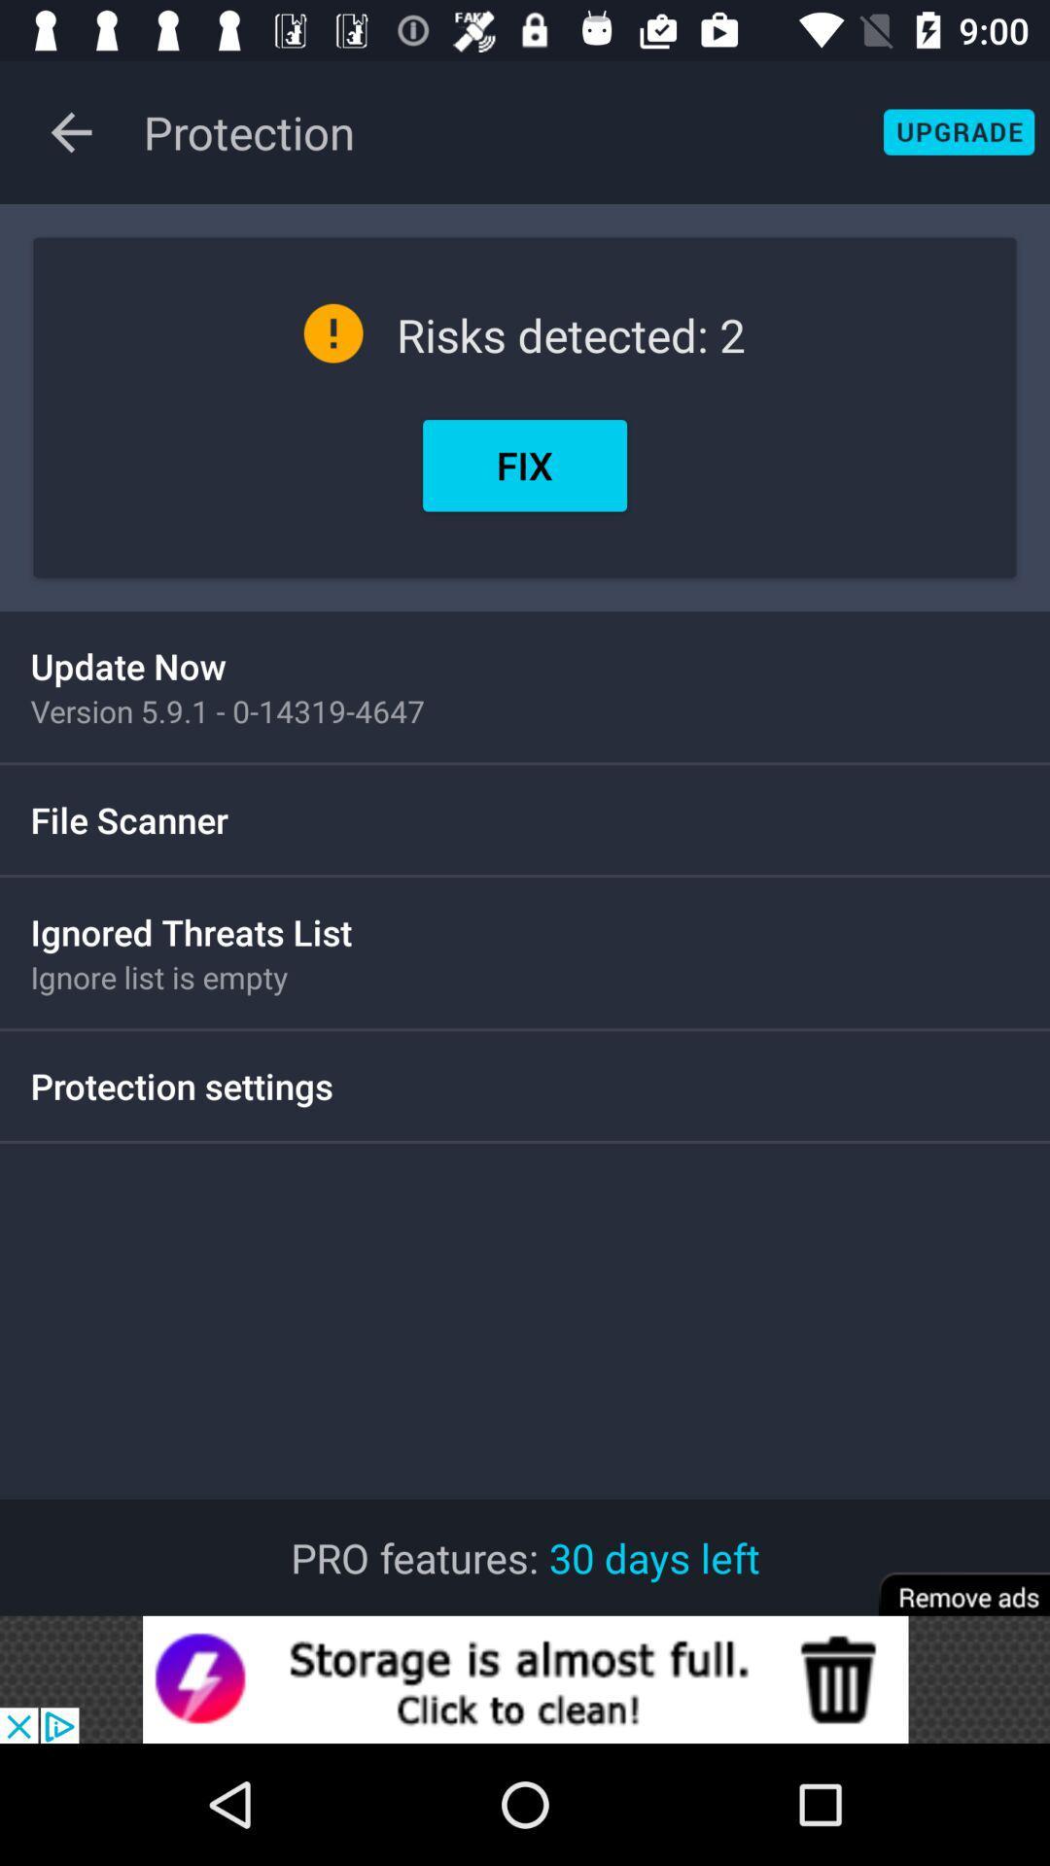  What do you see at coordinates (958, 131) in the screenshot?
I see `upgrade application to premium version` at bounding box center [958, 131].